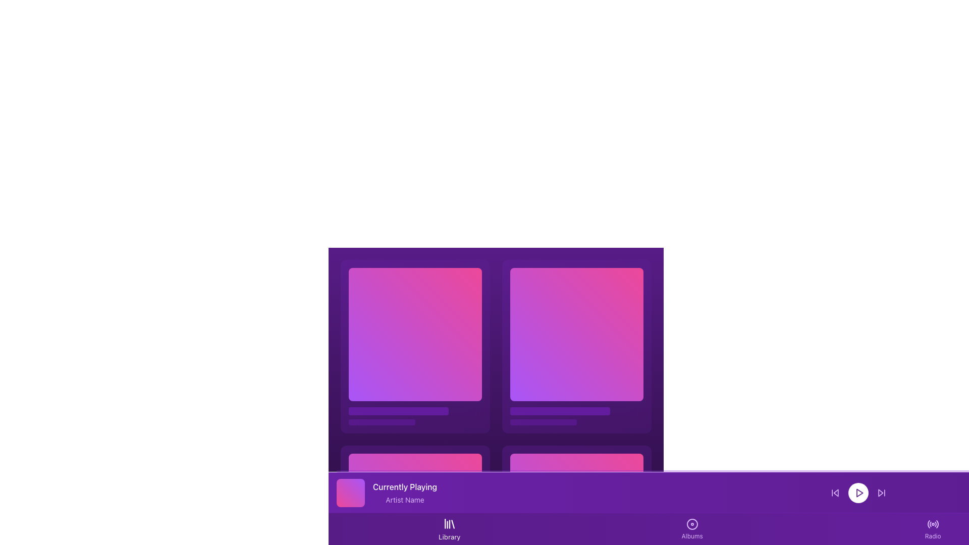  I want to click on the circular play control button located centrally within the three-button group in the bottom playback bar to play or pause the media, so click(857, 492).